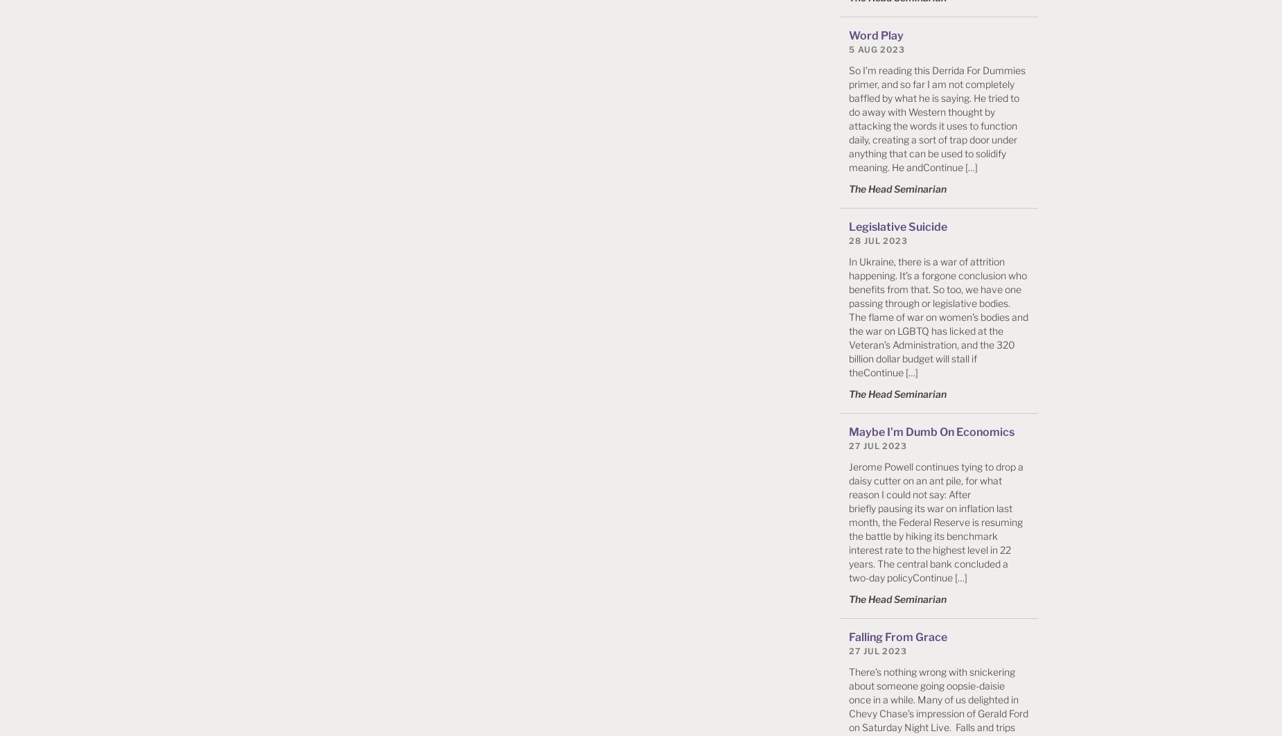 The width and height of the screenshot is (1282, 736). I want to click on 'Legislative Suicide', so click(897, 226).